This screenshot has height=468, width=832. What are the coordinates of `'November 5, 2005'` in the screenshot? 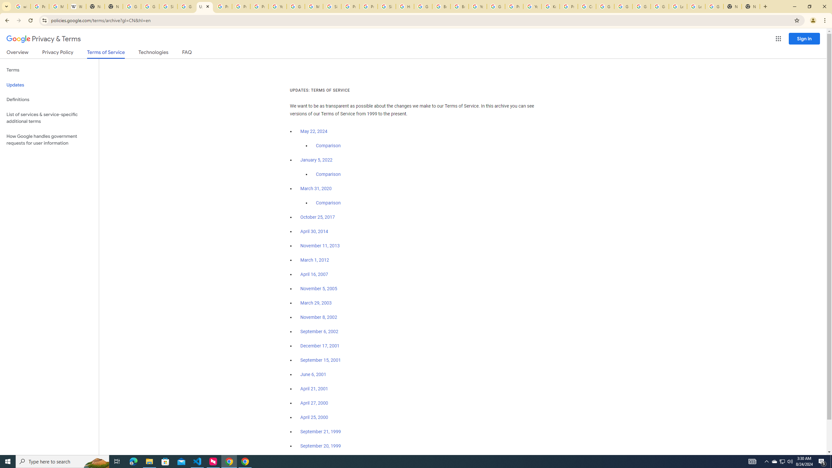 It's located at (318, 289).